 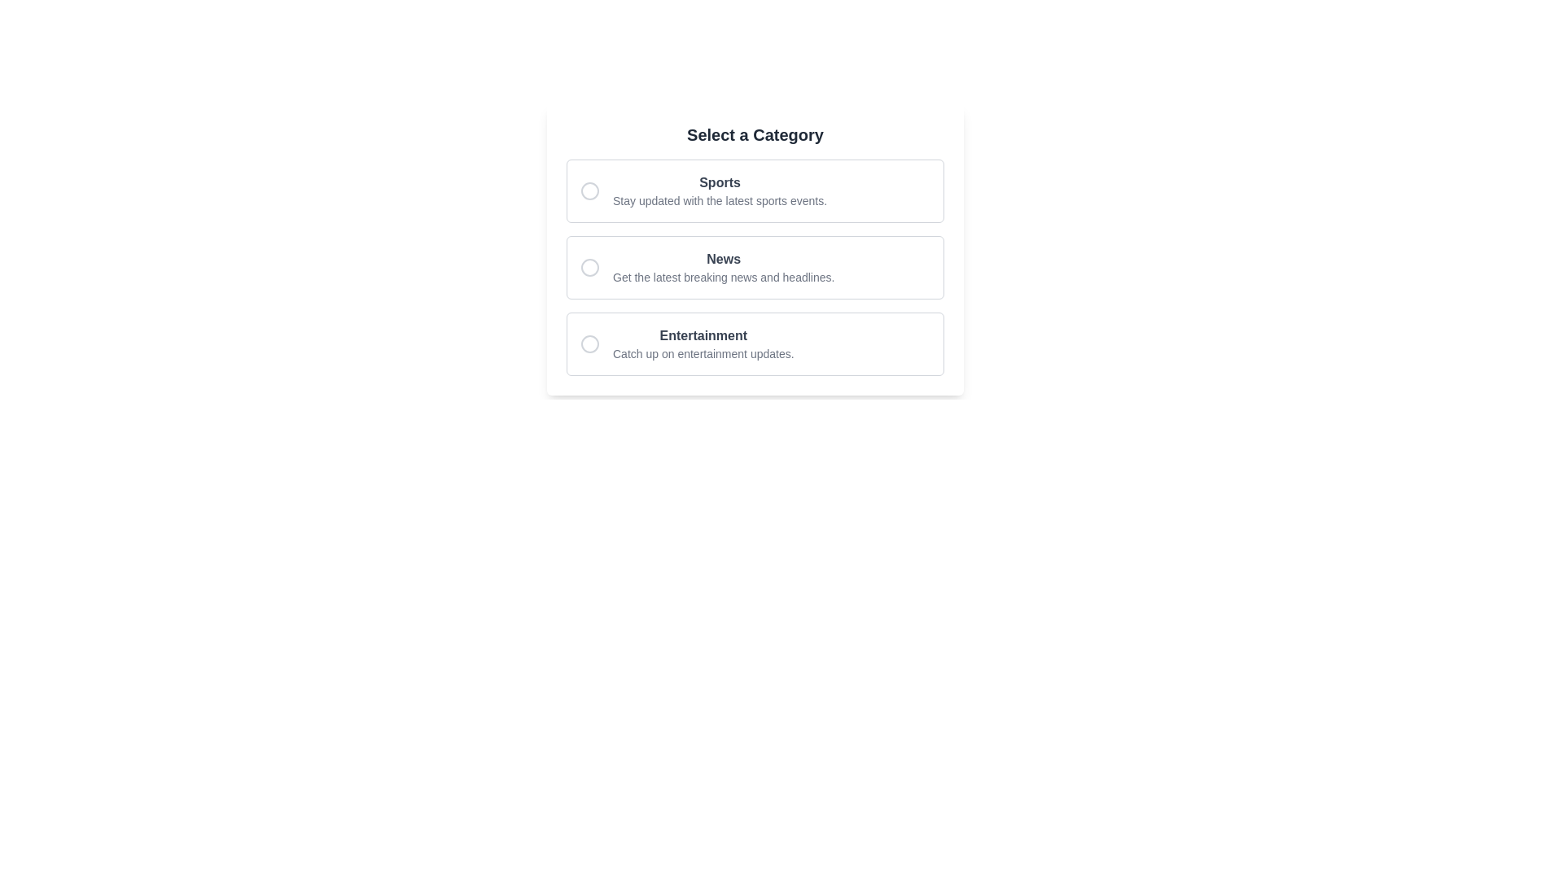 What do you see at coordinates (589, 190) in the screenshot?
I see `the radio button styled with a gray outline located to the left of the text 'Sports'` at bounding box center [589, 190].